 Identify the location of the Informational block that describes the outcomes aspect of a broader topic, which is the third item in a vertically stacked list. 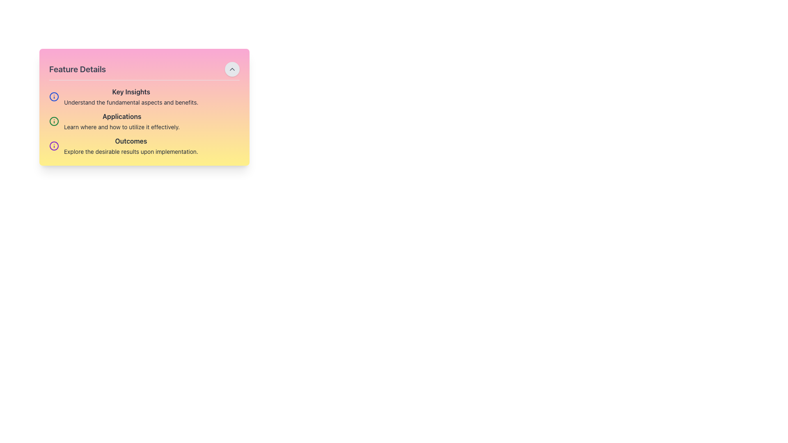
(144, 145).